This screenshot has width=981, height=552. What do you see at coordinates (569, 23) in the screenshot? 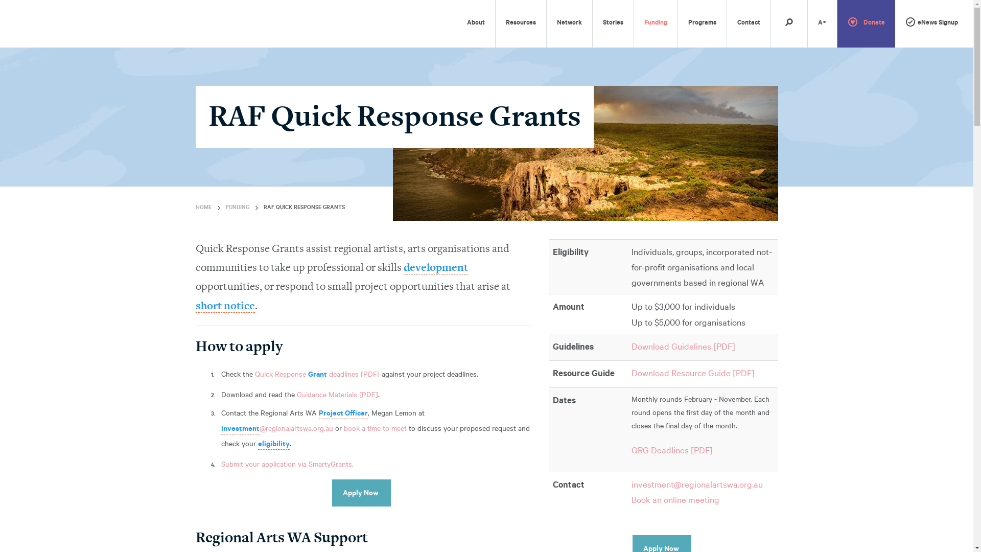
I see `'Network'` at bounding box center [569, 23].